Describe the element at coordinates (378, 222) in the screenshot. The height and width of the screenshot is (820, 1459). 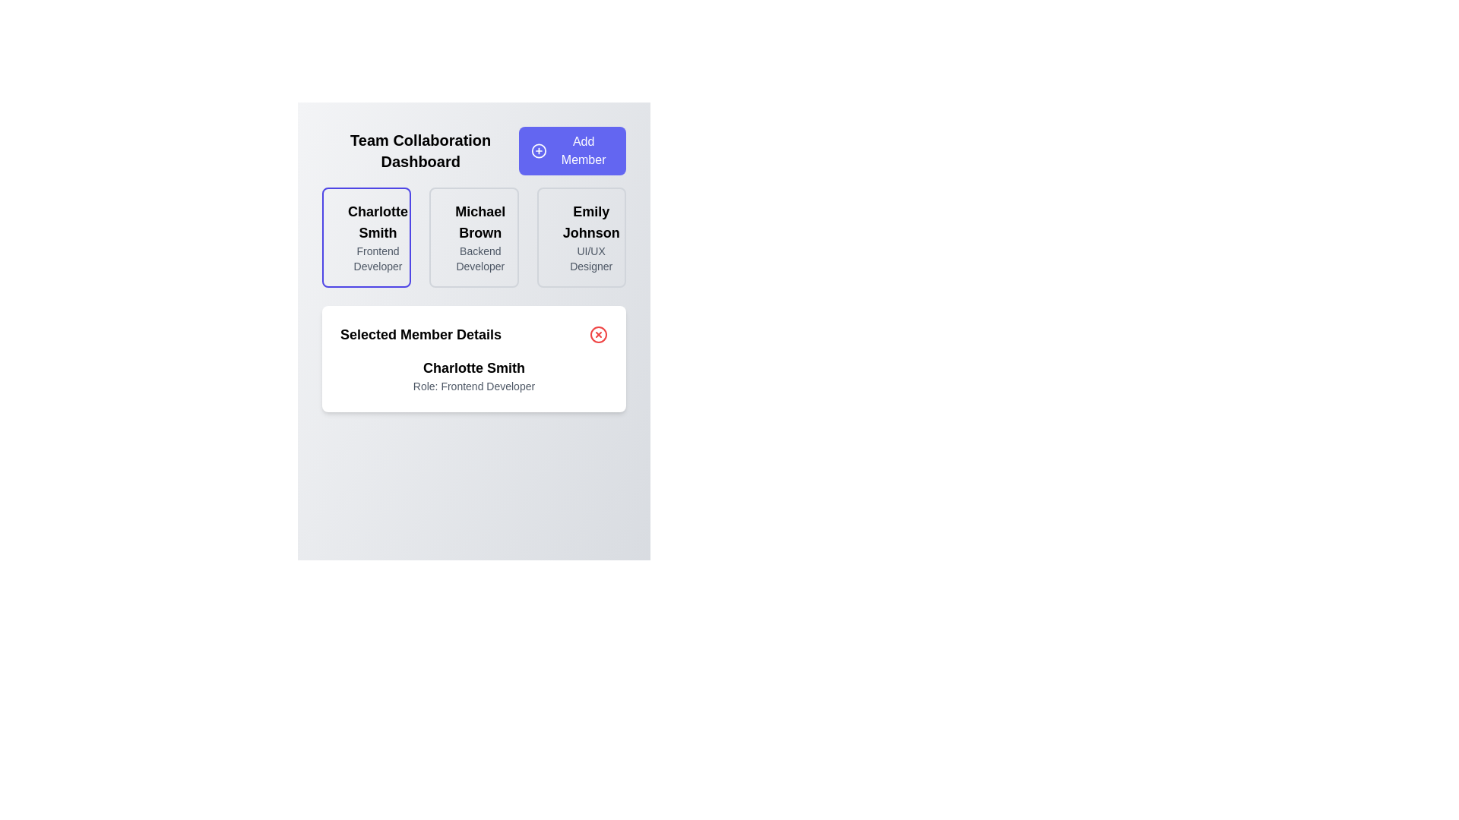
I see `the static text label displaying 'Charlotte Smith' which is prominently styled in bold black text, located in the first user profile card above the 'Frontend Developer' text` at that location.